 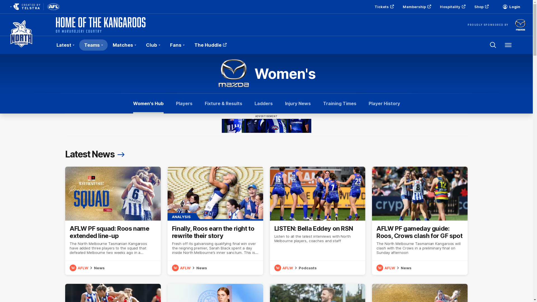 I want to click on 'CREATED BY, so click(x=24, y=6).